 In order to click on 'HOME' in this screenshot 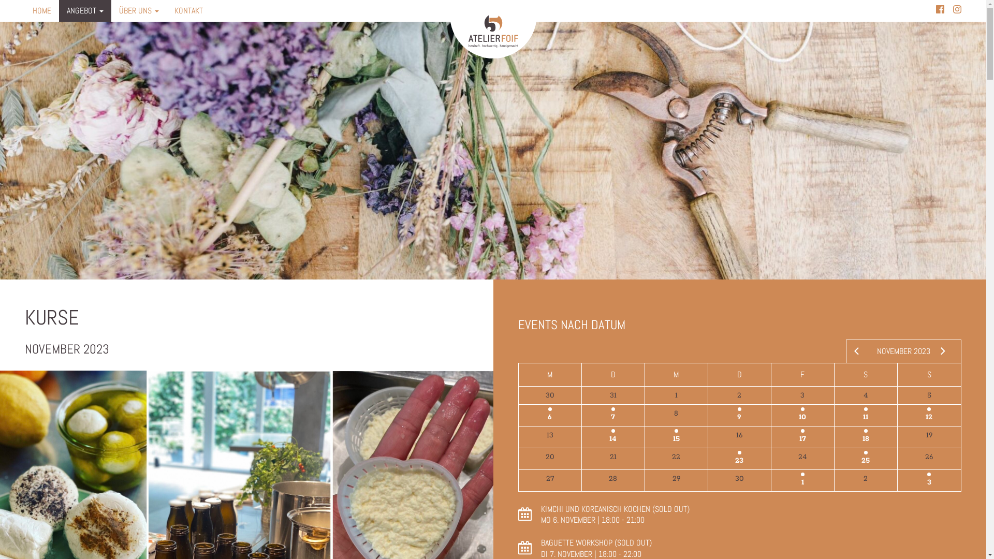, I will do `click(41, 10)`.